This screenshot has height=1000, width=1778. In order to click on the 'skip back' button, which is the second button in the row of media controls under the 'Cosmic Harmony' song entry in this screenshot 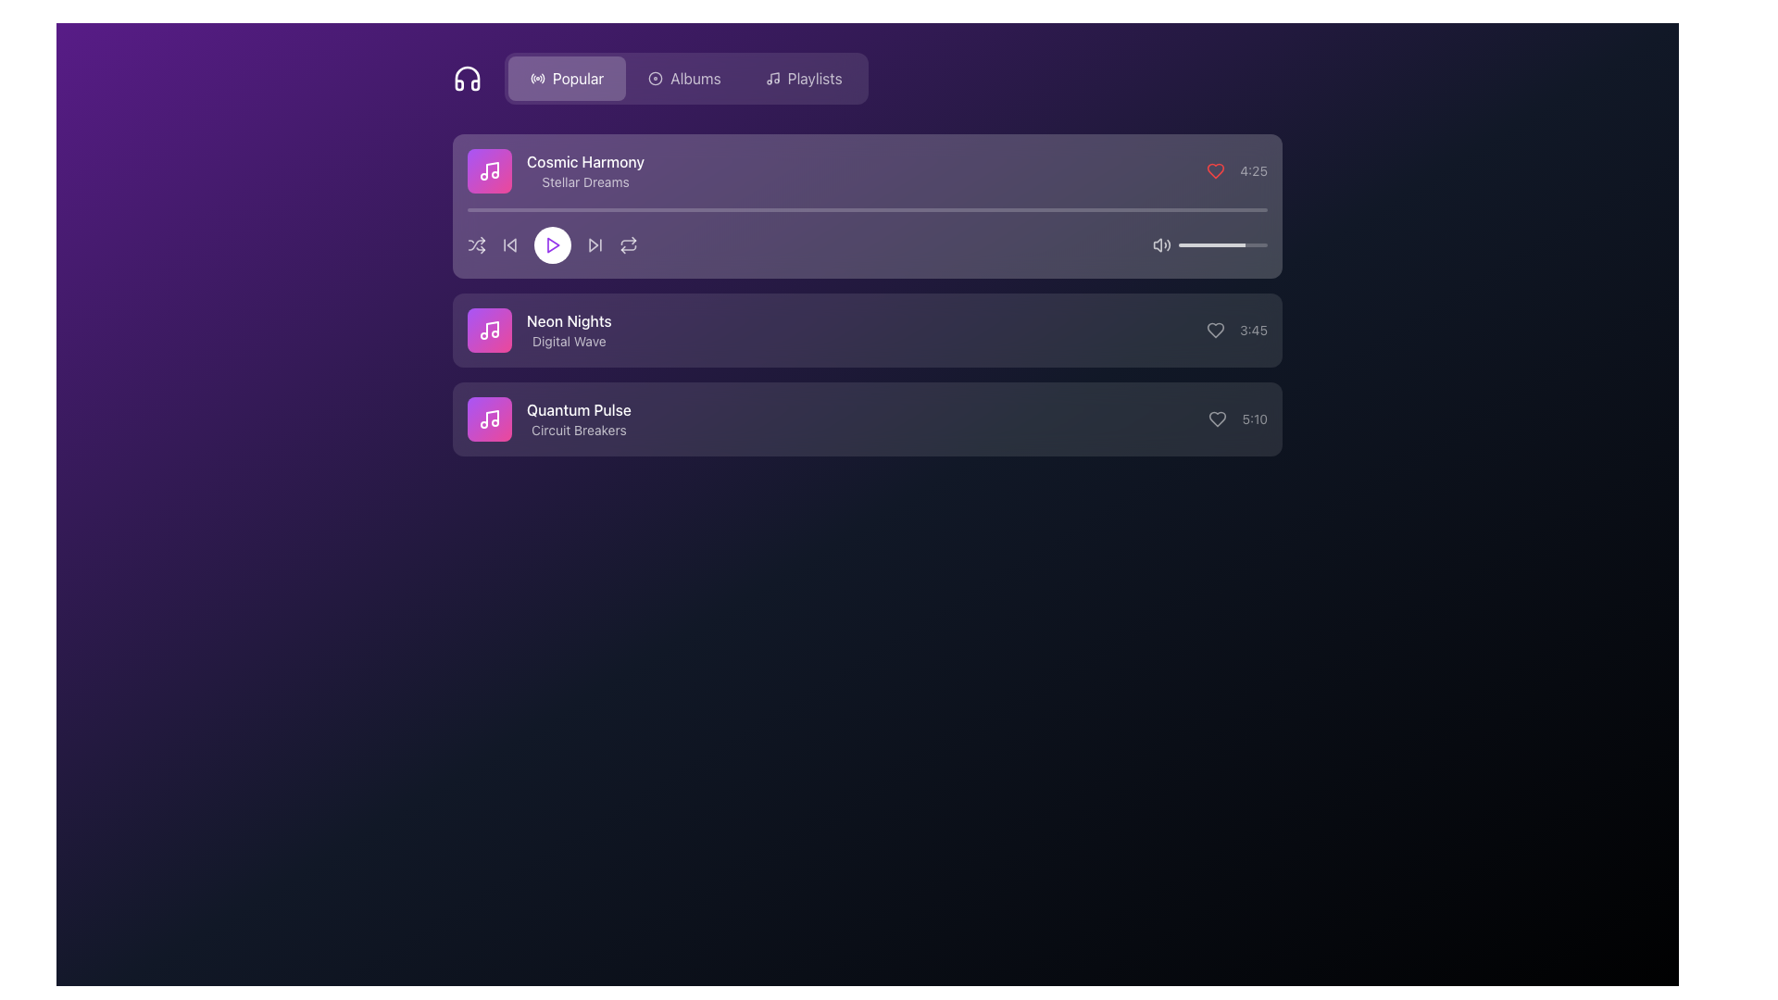, I will do `click(510, 244)`.